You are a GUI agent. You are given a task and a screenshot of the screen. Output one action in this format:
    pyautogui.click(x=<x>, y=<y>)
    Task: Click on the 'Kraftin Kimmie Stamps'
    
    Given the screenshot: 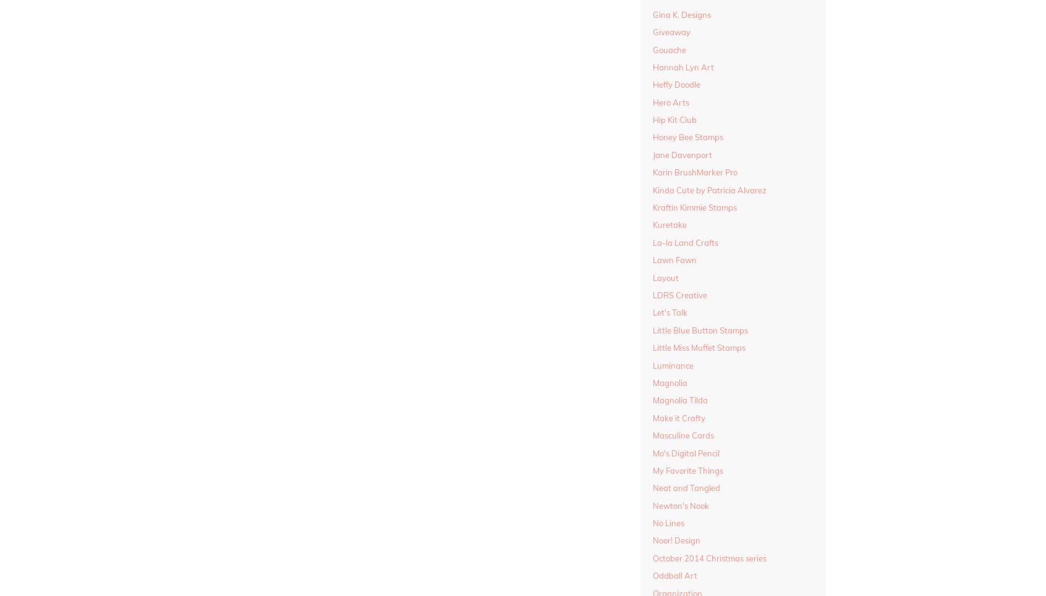 What is the action you would take?
    pyautogui.click(x=694, y=208)
    